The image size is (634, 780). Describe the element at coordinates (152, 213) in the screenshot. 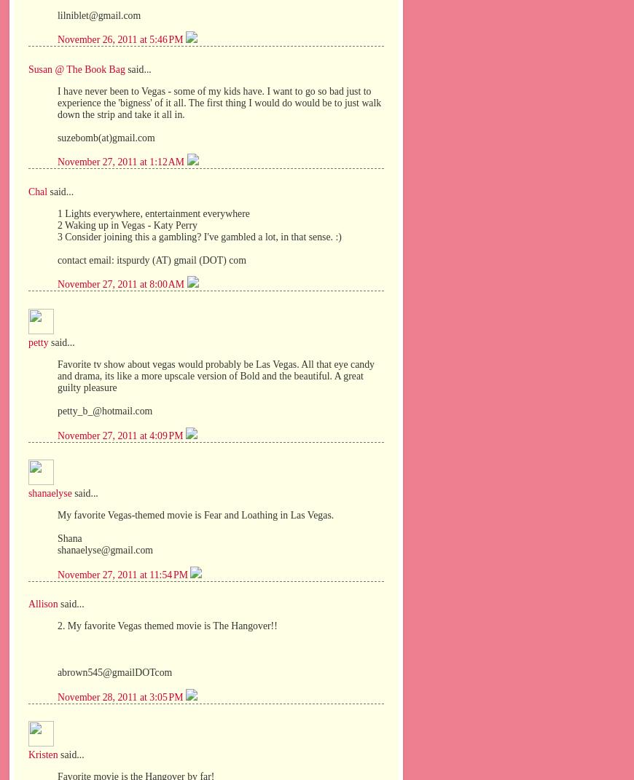

I see `'1 Lights everywhere, entertainment everywhere'` at that location.